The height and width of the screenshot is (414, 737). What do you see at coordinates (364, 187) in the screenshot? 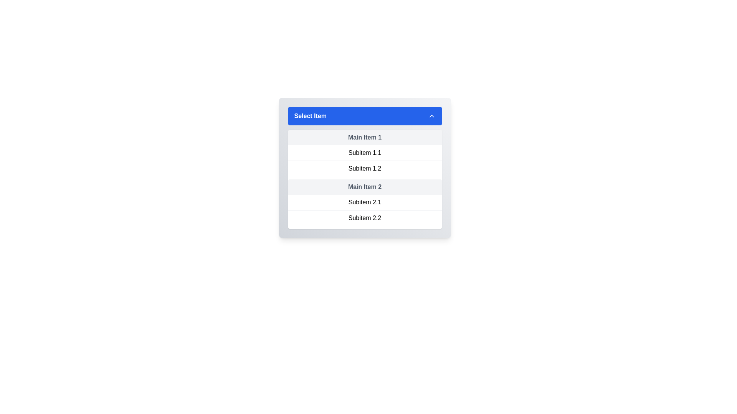
I see `the static label functioning as a header, positioned as the third primary item in the dropdown-like structure beneath 'Select Item'` at bounding box center [364, 187].